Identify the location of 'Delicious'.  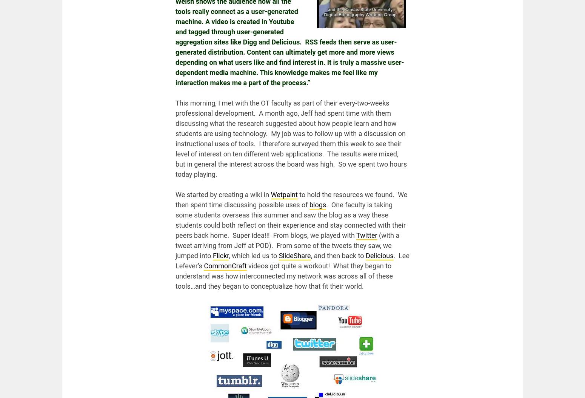
(379, 256).